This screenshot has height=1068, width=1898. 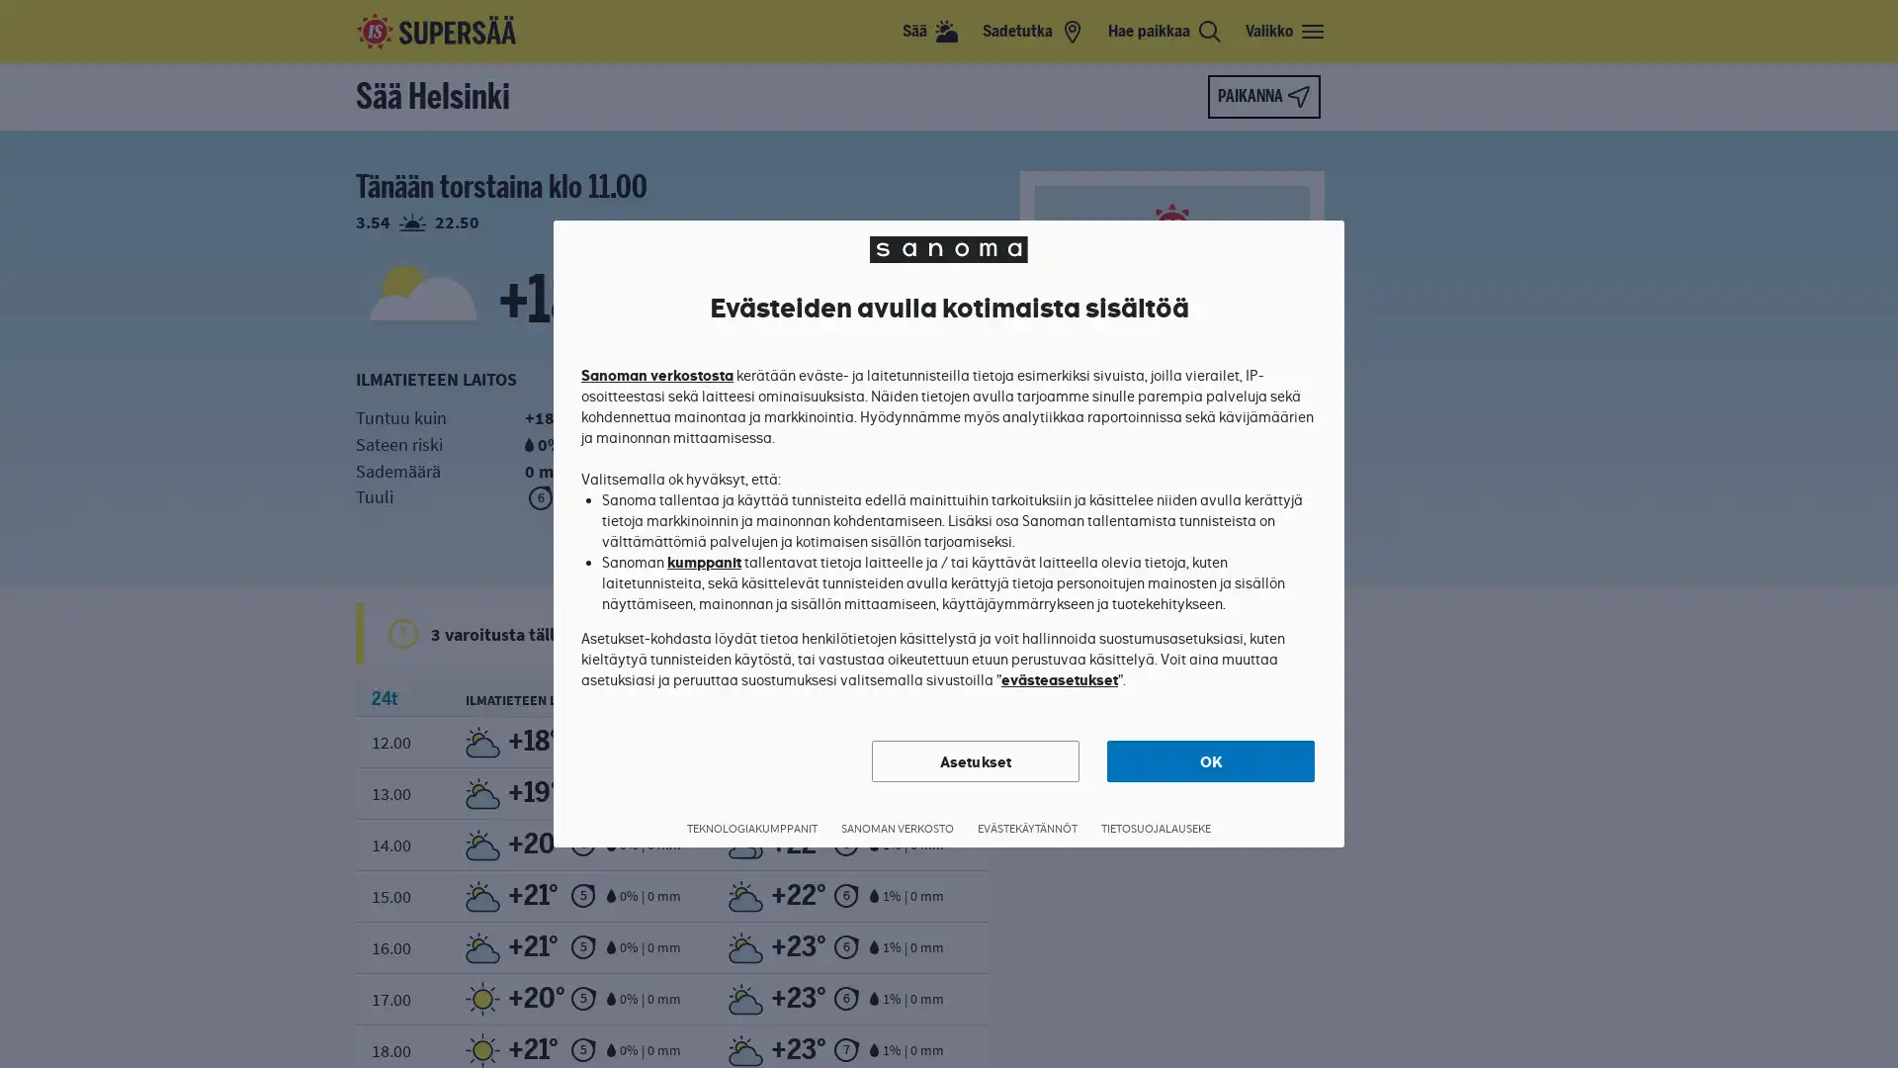 What do you see at coordinates (1285, 31) in the screenshot?
I see `Valikko` at bounding box center [1285, 31].